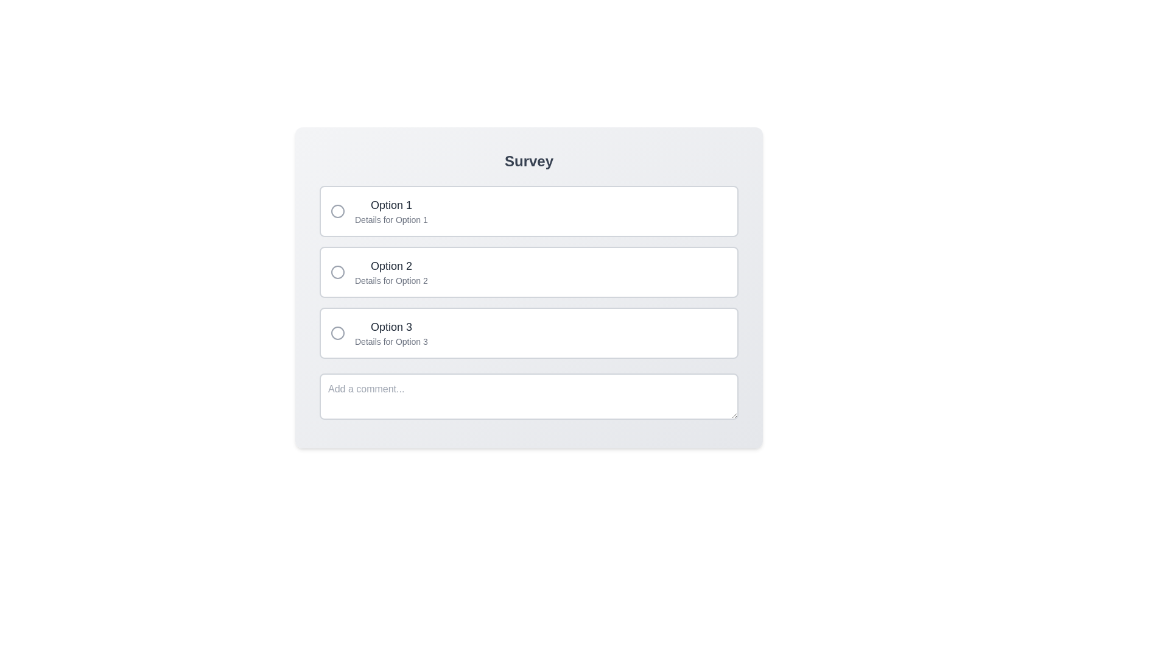 Image resolution: width=1169 pixels, height=658 pixels. What do you see at coordinates (528, 211) in the screenshot?
I see `the first selectable option in the survey form, which is located below the title 'Survey'` at bounding box center [528, 211].